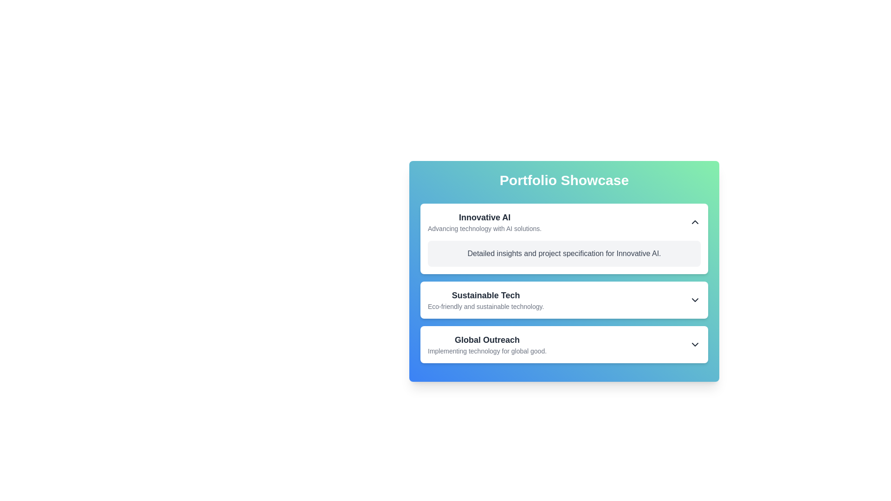  I want to click on the text element containing the phrase 'Detailed insights and project specification for Innovative AI.' which is styled with gray color and located under the 'Innovative AI' section, so click(563, 254).